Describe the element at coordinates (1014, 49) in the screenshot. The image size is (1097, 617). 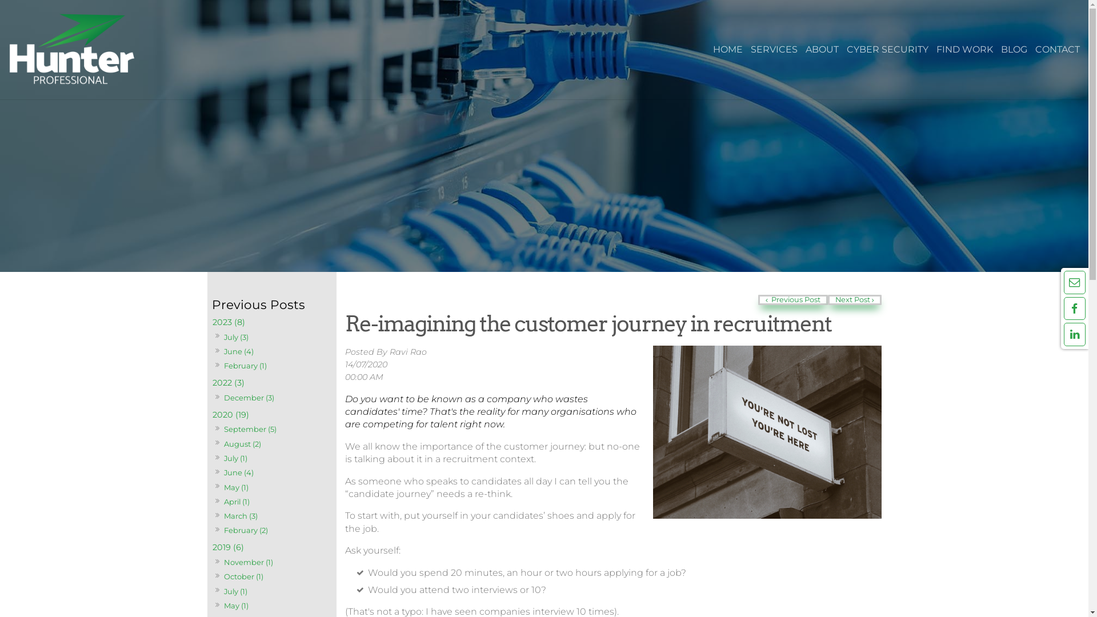
I see `'BLOG'` at that location.